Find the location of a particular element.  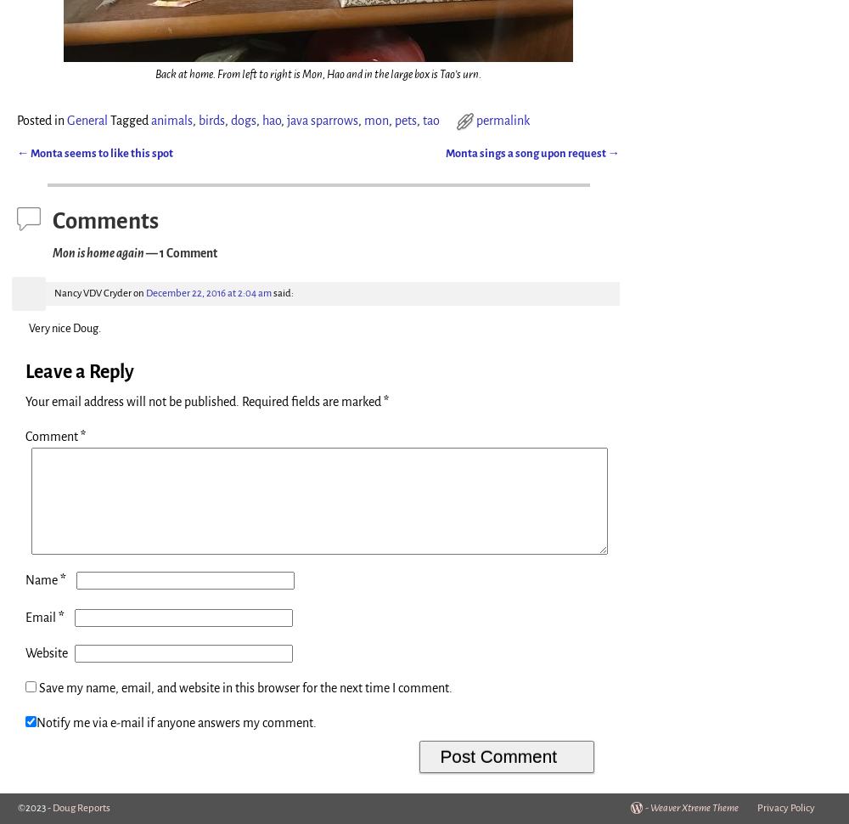

'animals' is located at coordinates (171, 121).